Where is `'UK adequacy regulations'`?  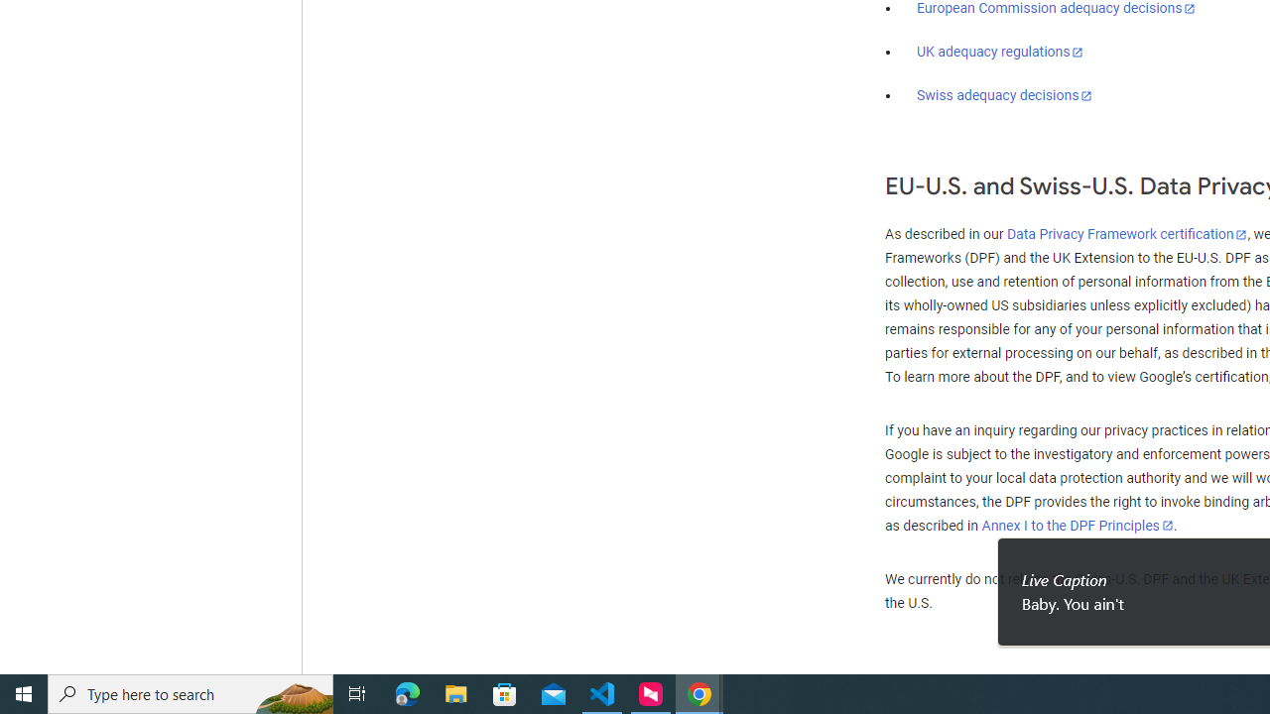 'UK adequacy regulations' is located at coordinates (1000, 51).